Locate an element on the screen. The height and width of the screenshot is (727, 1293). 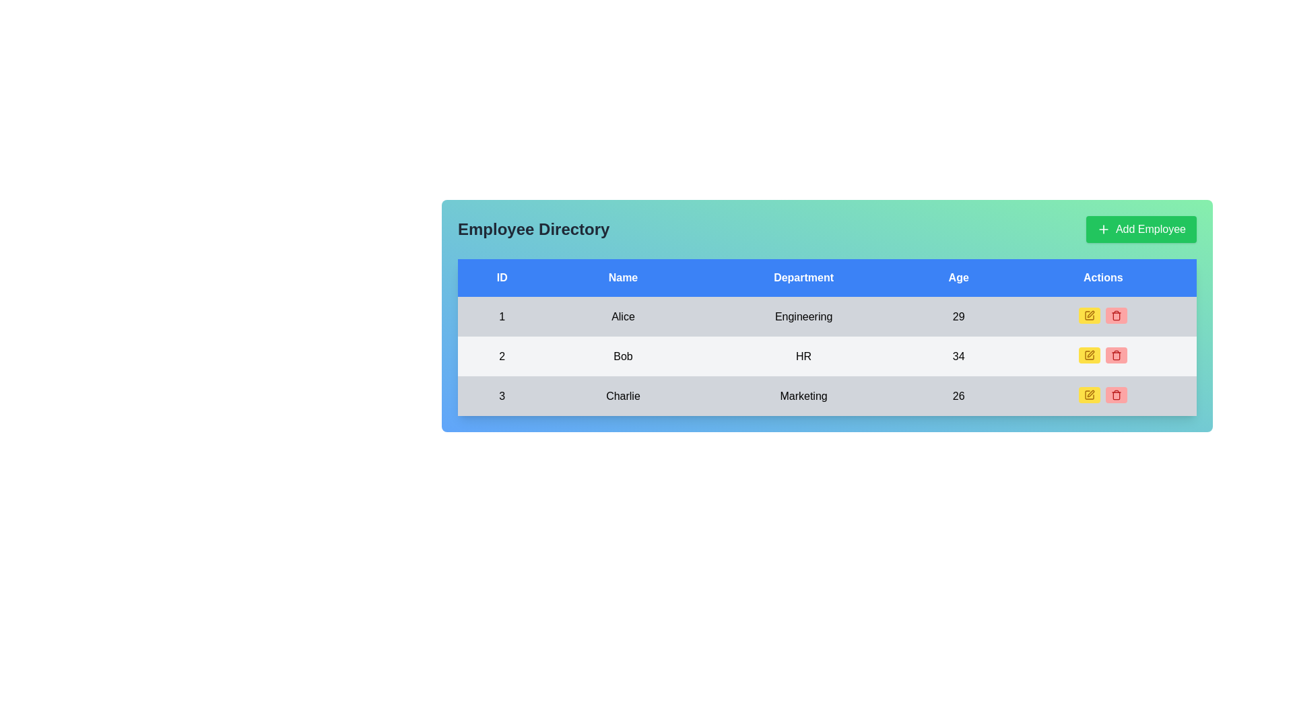
the static text label displaying the department name in the third row of the table under the 'Department' column, located between 'Charlie' and '26' is located at coordinates (803, 395).